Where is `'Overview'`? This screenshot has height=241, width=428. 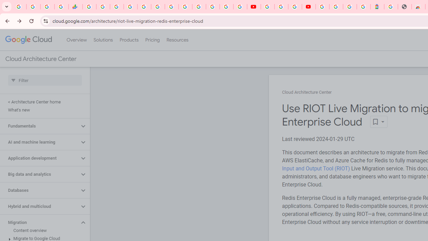
'Overview' is located at coordinates (77, 40).